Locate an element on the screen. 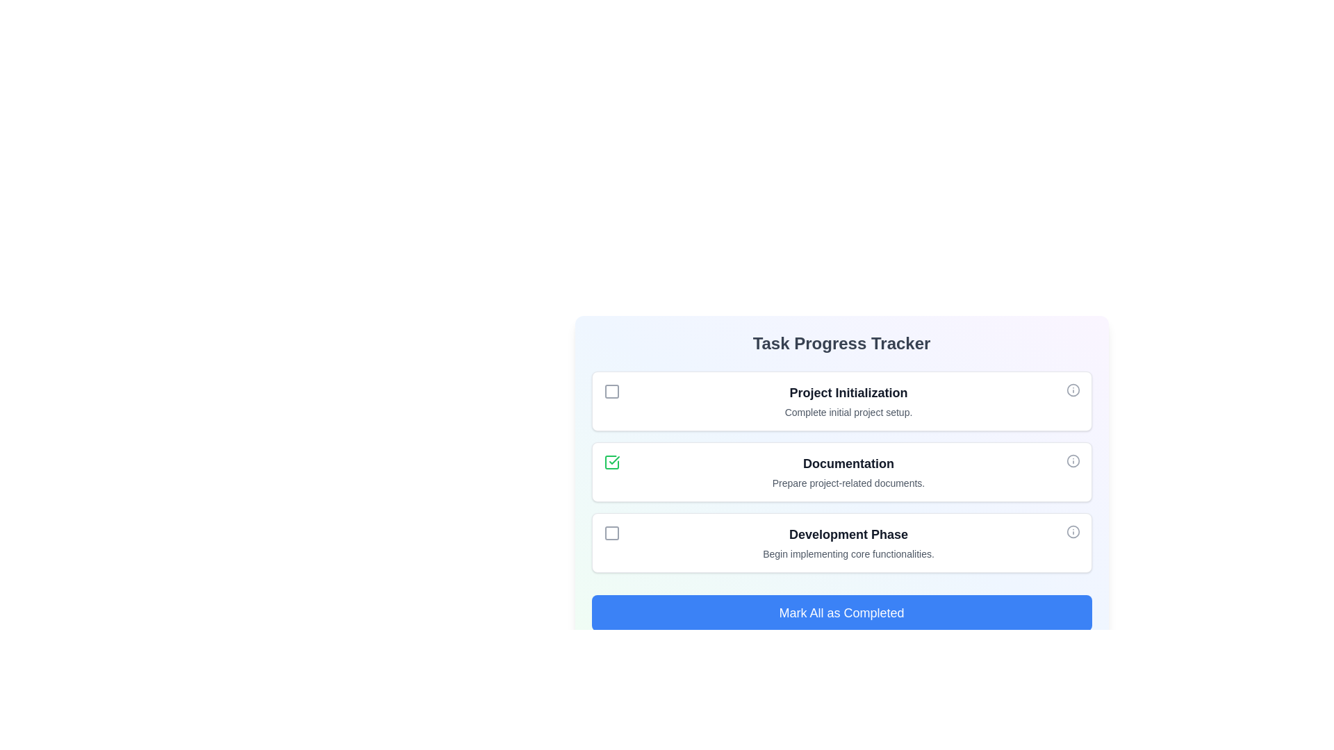 This screenshot has width=1334, height=750. the 'info' icon component related to the 'Development Phase' task to observe its additional context or information is located at coordinates (1072, 531).